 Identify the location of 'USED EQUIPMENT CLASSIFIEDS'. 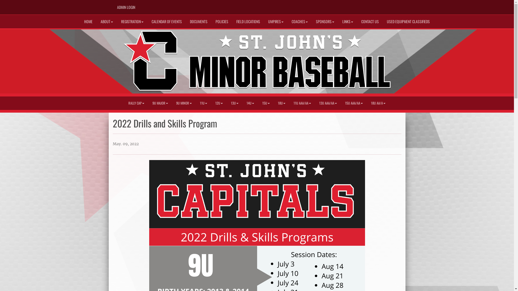
(408, 21).